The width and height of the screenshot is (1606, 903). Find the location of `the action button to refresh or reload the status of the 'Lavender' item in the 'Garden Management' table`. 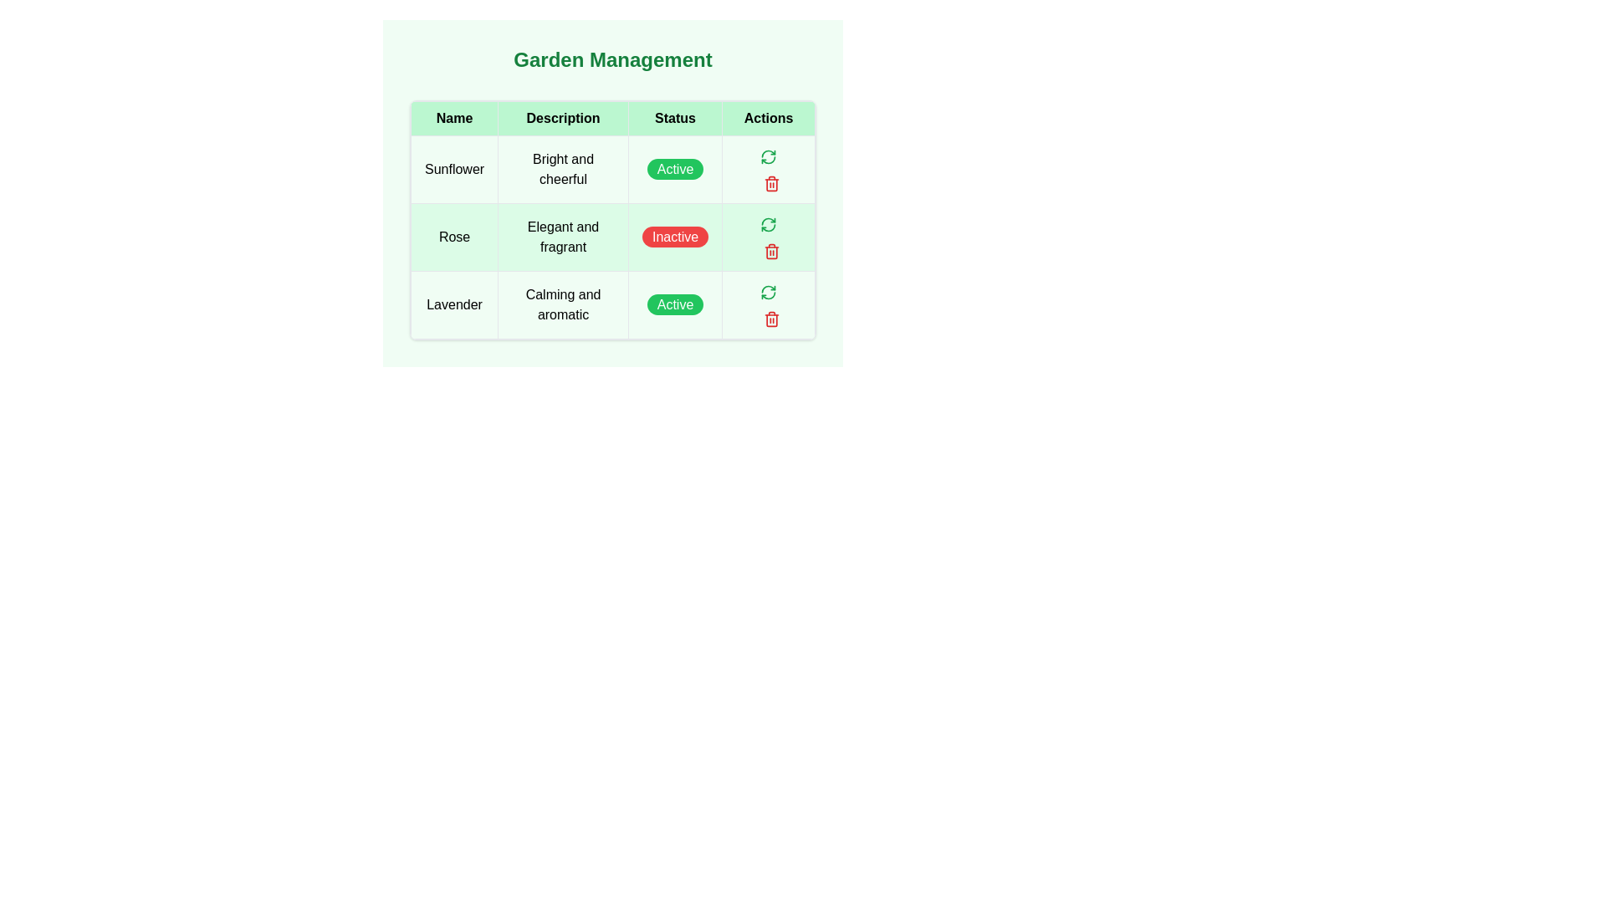

the action button to refresh or reload the status of the 'Lavender' item in the 'Garden Management' table is located at coordinates (768, 290).